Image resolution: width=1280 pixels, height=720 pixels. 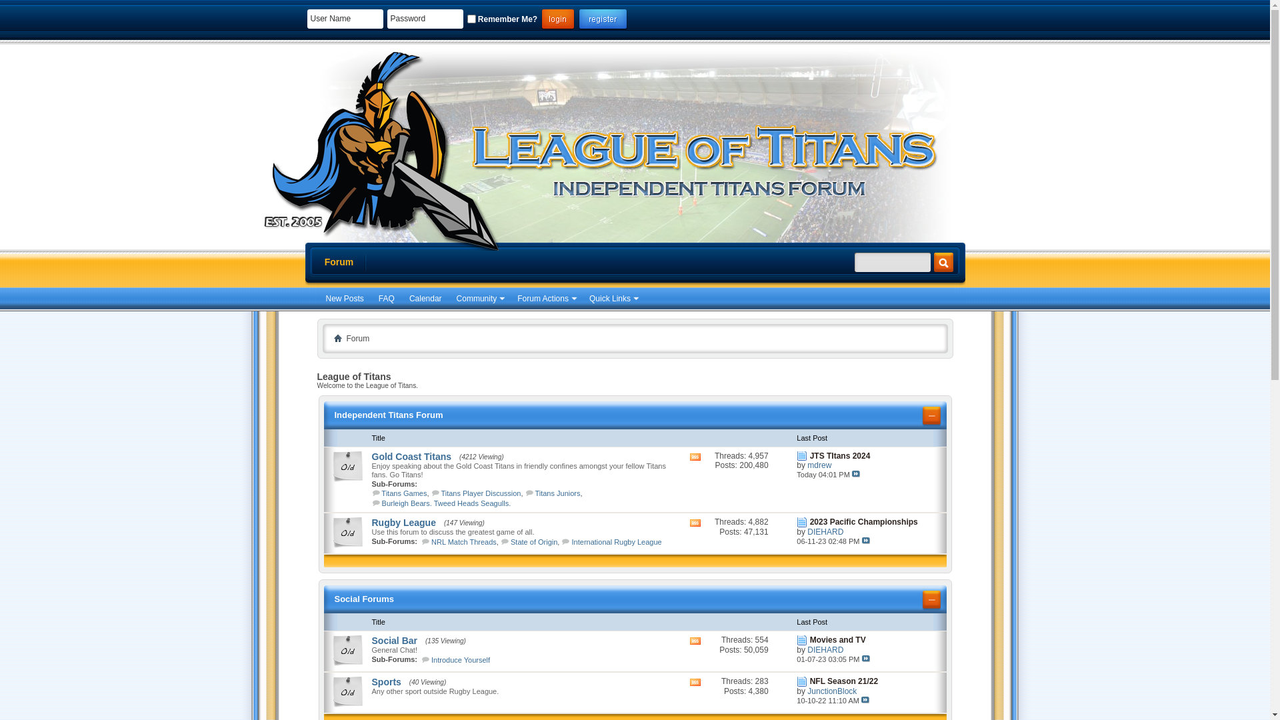 I want to click on '2023 Pacific Championships', so click(x=864, y=521).